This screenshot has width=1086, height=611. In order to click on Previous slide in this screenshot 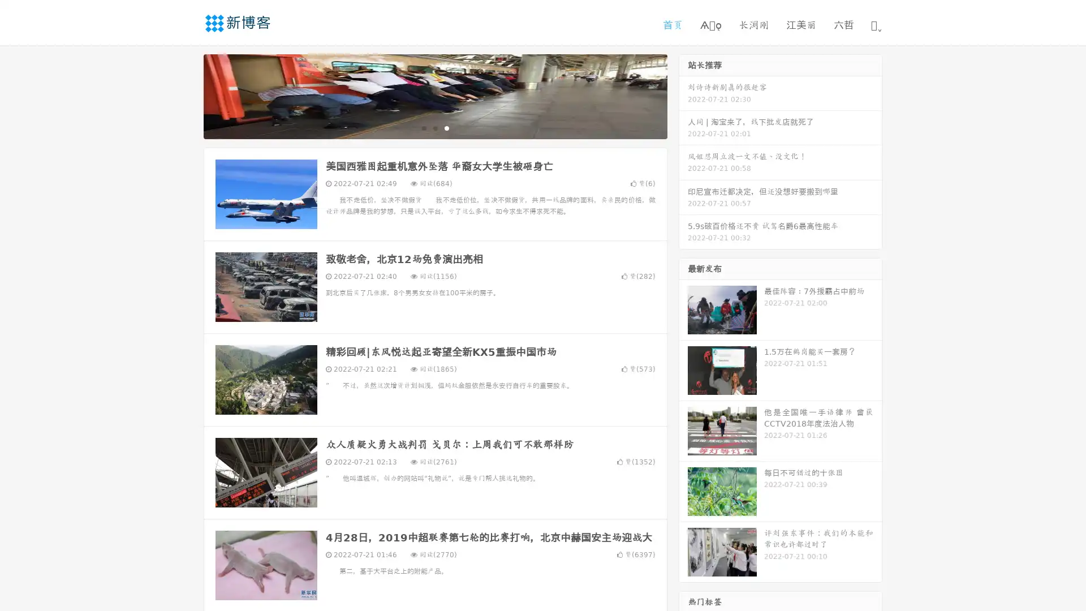, I will do `click(187, 95)`.